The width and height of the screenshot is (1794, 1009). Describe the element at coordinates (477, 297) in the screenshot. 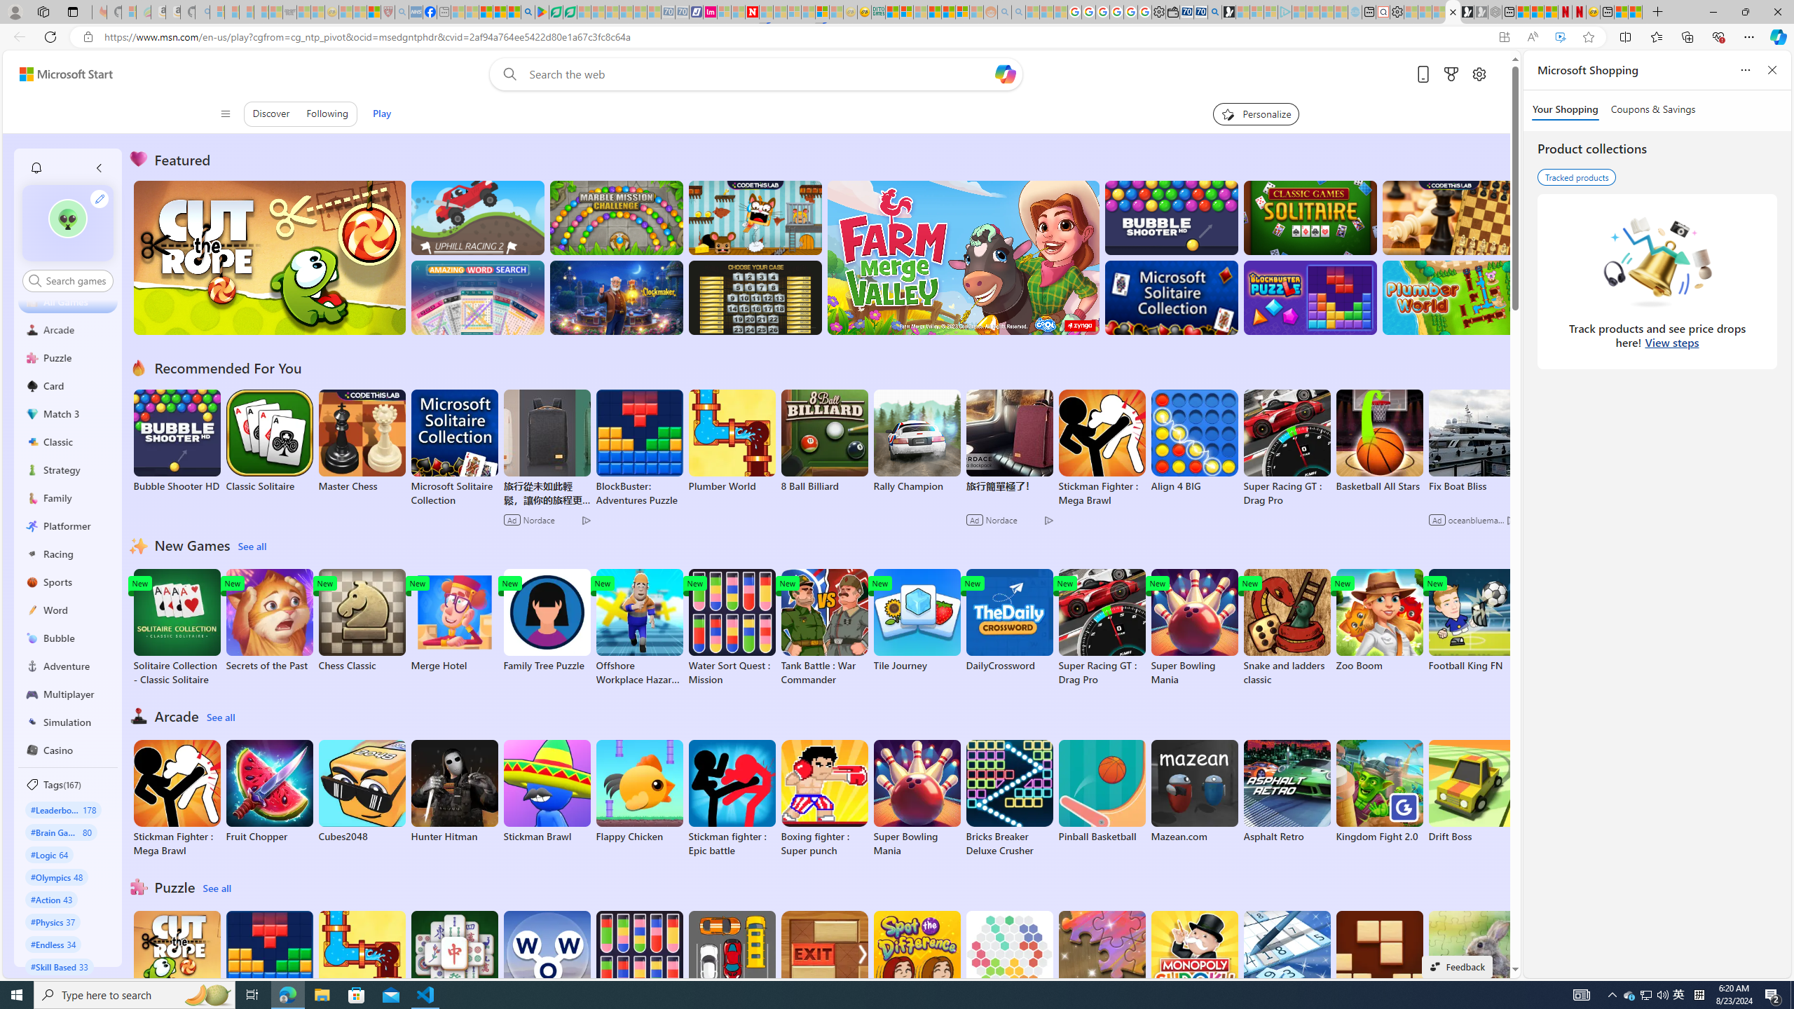

I see `'Amazing Word Search'` at that location.